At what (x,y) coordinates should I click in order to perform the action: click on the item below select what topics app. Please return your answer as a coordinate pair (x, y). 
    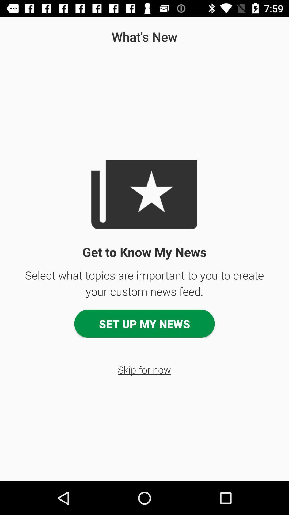
    Looking at the image, I should click on (144, 323).